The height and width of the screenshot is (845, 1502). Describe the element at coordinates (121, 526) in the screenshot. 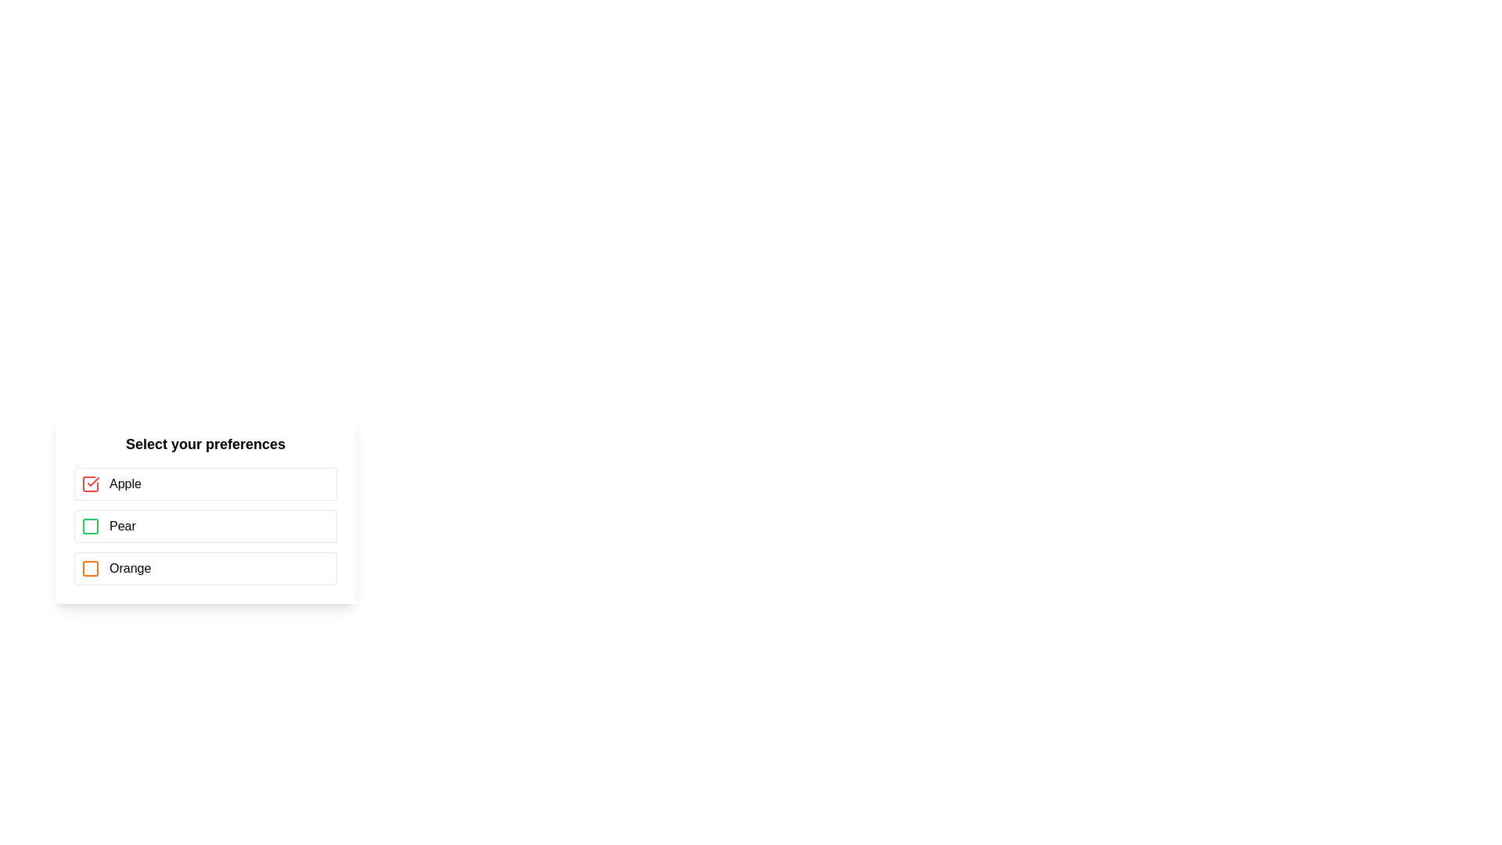

I see `the 'Pear' text label in the preference selection list, which is positioned between the 'Apple' and 'Orange' items` at that location.